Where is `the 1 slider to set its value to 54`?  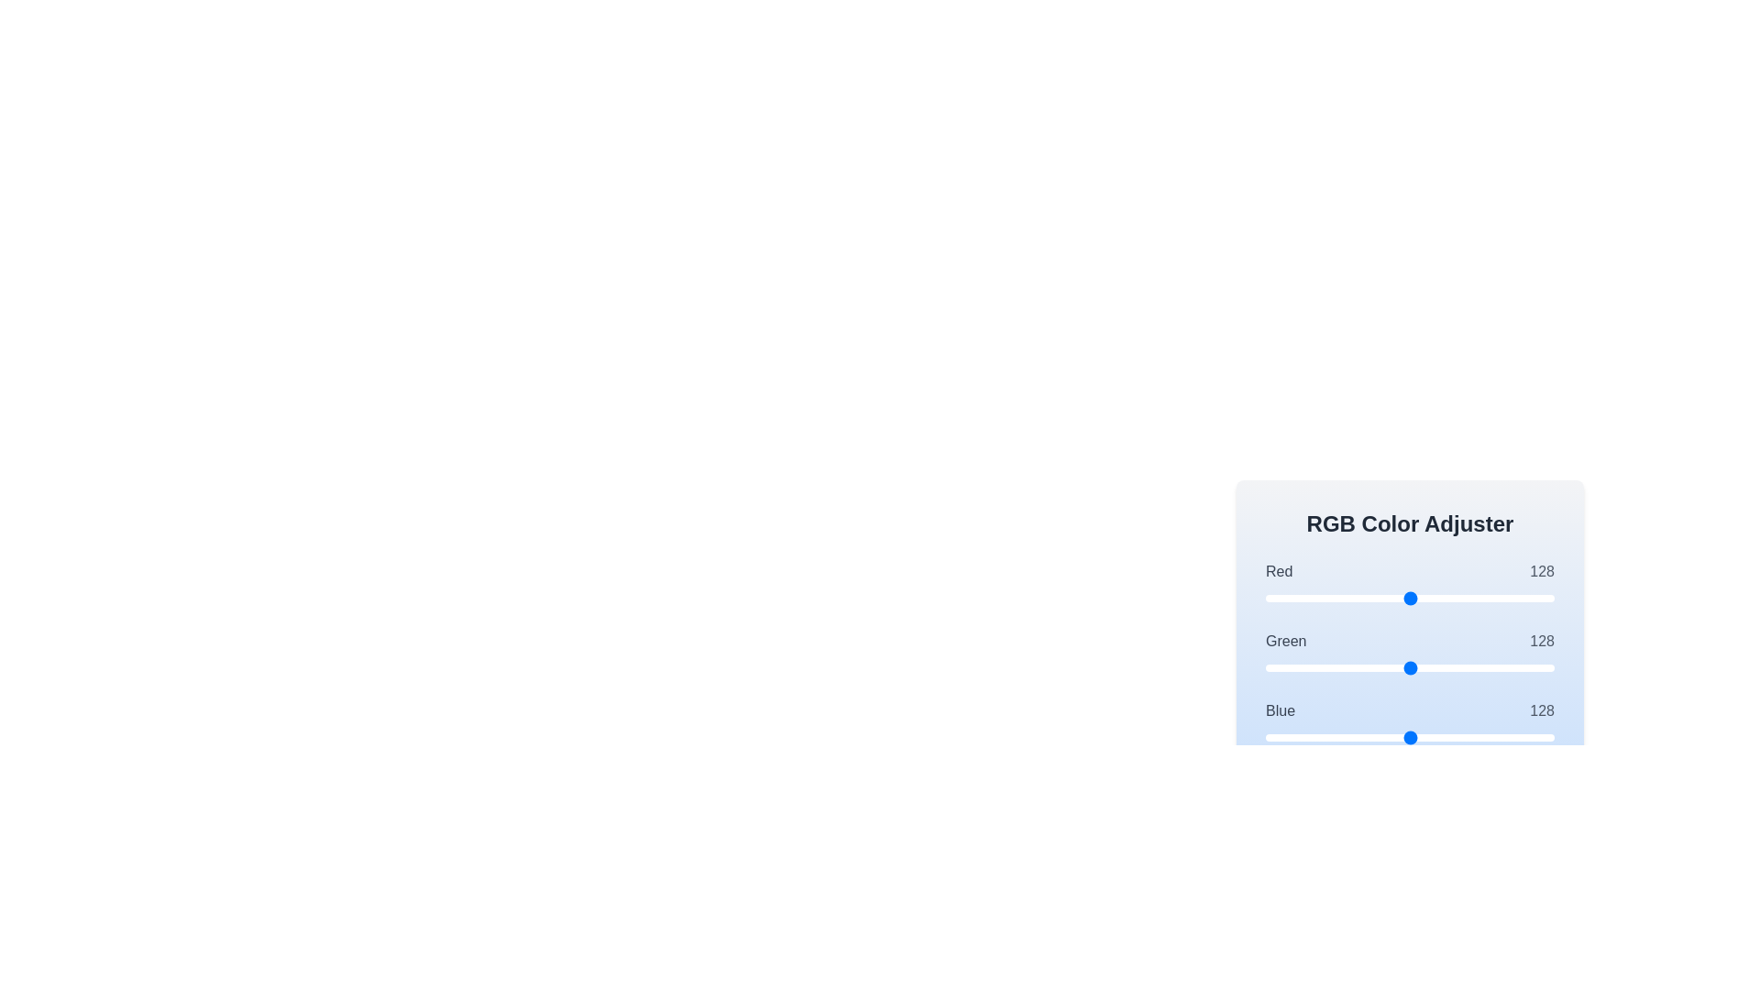 the 1 slider to set its value to 54 is located at coordinates (1326, 668).